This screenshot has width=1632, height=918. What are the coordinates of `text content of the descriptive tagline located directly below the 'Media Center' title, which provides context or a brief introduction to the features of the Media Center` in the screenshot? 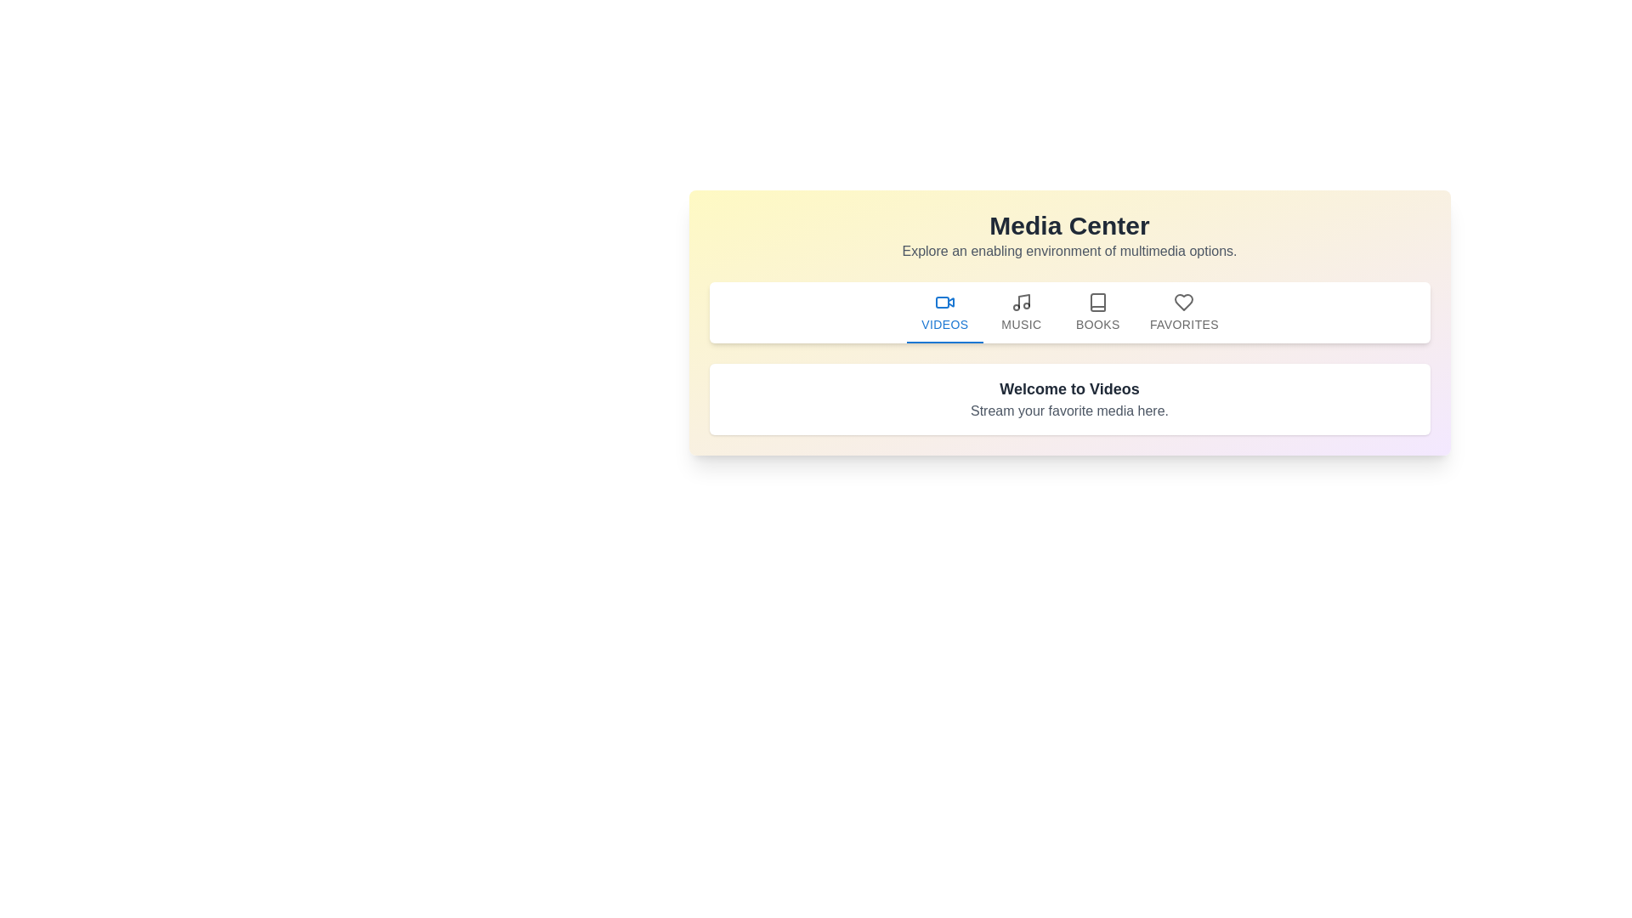 It's located at (1068, 252).